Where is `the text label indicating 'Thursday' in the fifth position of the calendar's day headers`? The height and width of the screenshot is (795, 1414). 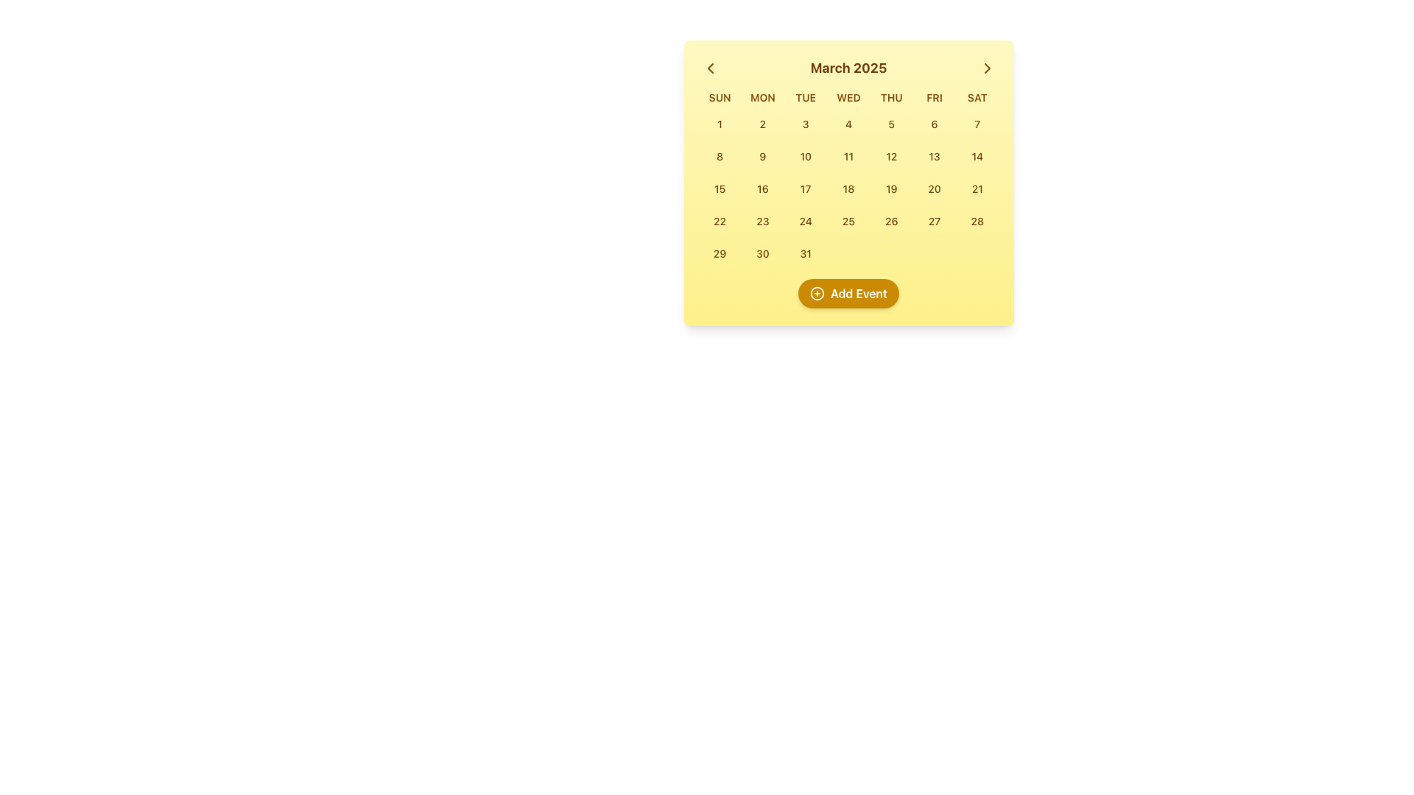 the text label indicating 'Thursday' in the fifth position of the calendar's day headers is located at coordinates (890, 97).